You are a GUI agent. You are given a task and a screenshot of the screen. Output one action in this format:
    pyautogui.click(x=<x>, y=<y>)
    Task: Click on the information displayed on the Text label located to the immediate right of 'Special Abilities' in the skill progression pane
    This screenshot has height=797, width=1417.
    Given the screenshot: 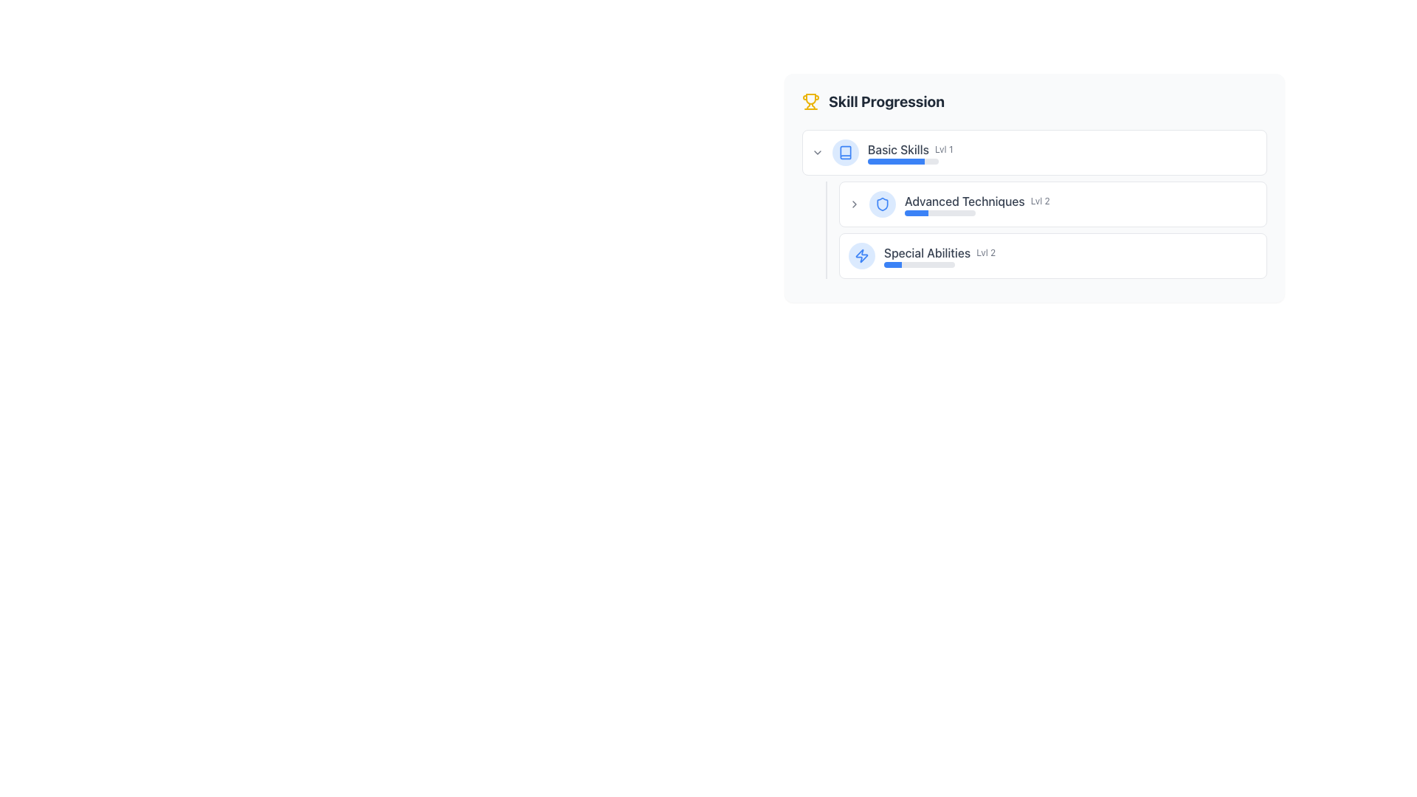 What is the action you would take?
    pyautogui.click(x=986, y=252)
    